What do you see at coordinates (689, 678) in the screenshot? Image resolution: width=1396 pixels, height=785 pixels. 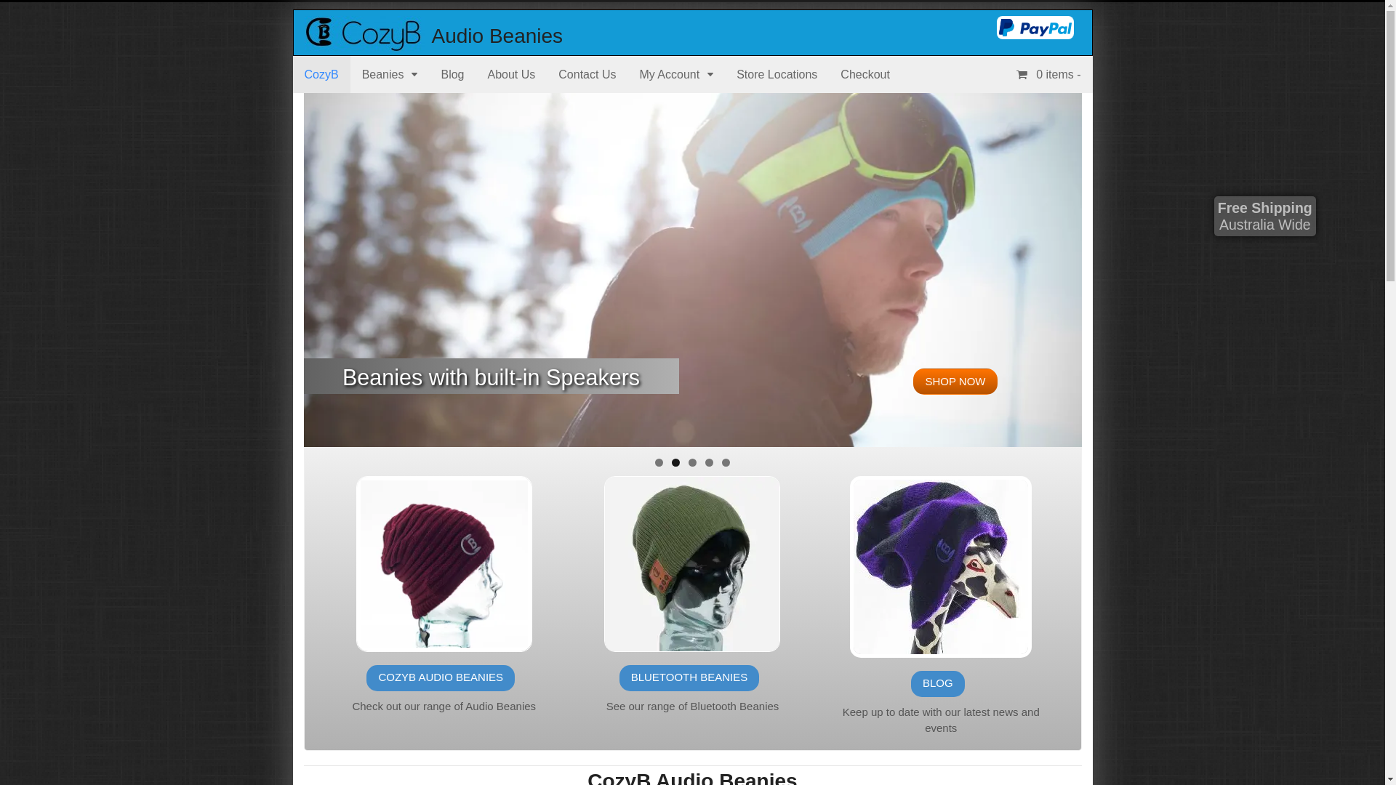 I see `'BLUETOOTH BEANIES'` at bounding box center [689, 678].